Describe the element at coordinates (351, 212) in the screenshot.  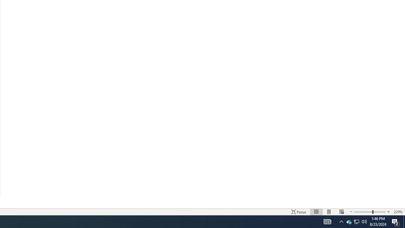
I see `'Decrease Text Size'` at that location.